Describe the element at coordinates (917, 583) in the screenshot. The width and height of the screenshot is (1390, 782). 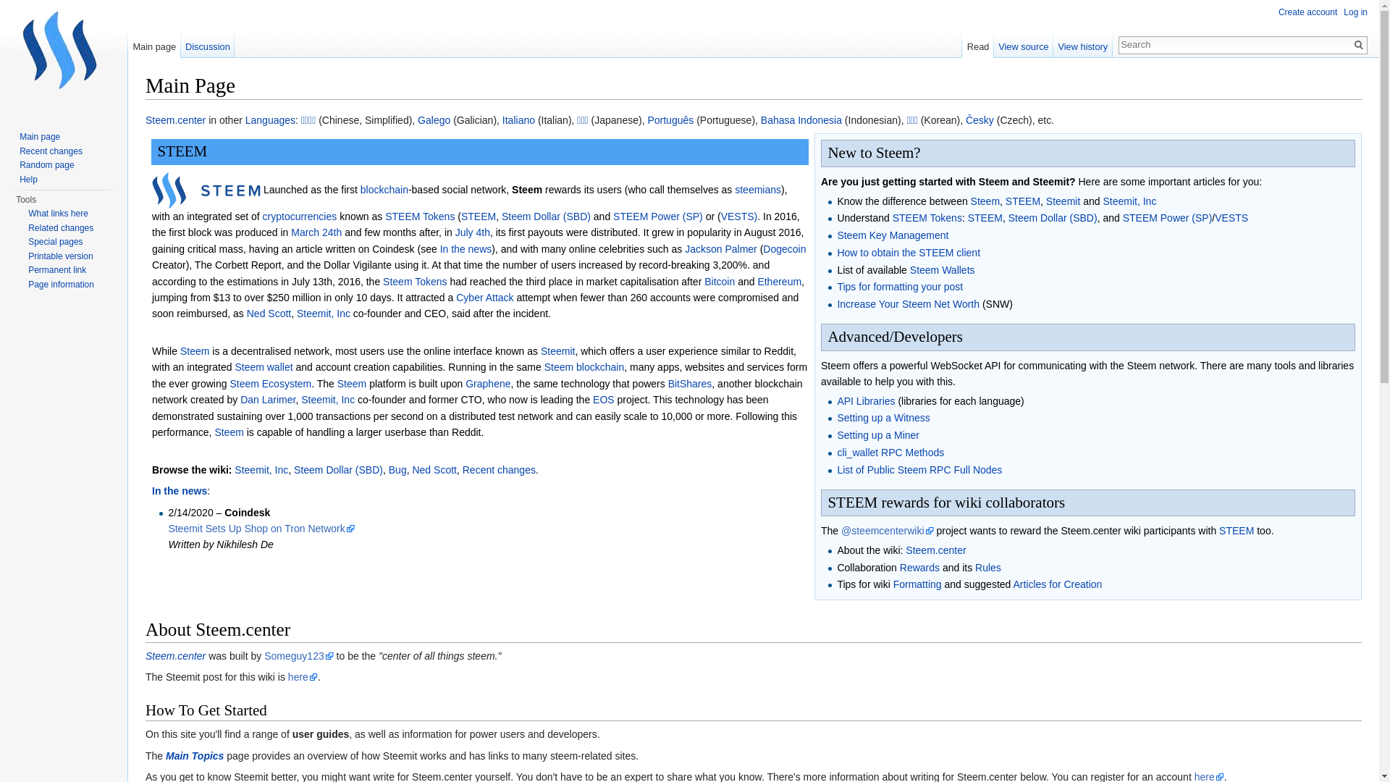
I see `'Formatting'` at that location.